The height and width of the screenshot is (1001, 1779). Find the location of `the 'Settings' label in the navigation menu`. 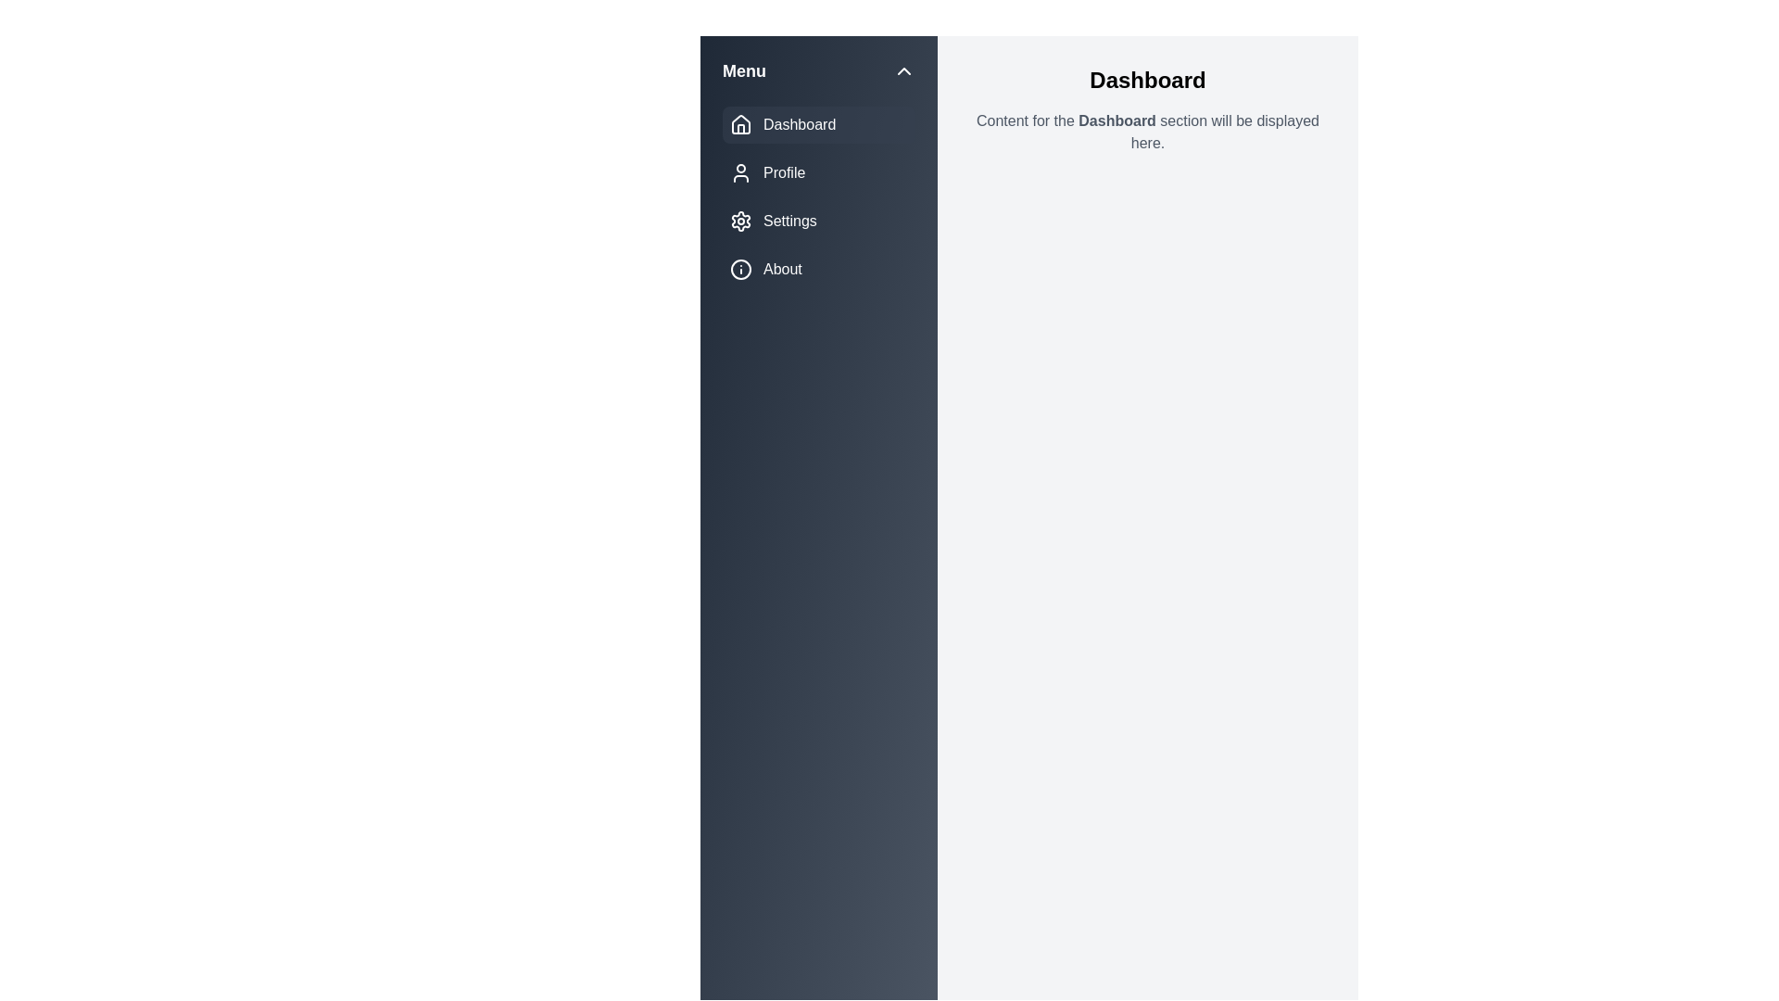

the 'Settings' label in the navigation menu is located at coordinates (789, 221).